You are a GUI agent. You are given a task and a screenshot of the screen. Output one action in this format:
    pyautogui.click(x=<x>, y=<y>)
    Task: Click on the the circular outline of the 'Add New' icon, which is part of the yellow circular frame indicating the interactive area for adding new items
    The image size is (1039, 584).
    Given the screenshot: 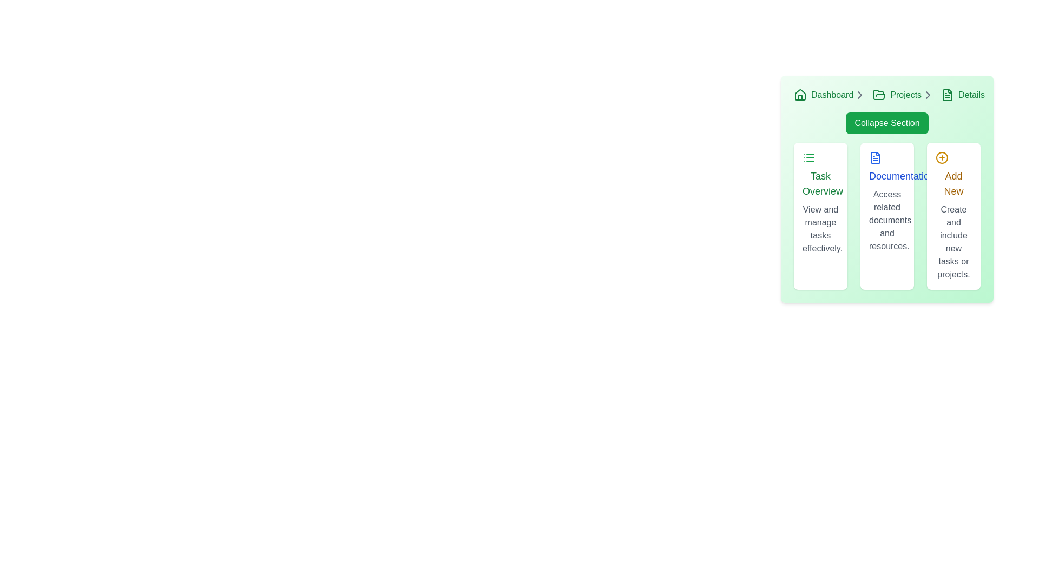 What is the action you would take?
    pyautogui.click(x=942, y=158)
    